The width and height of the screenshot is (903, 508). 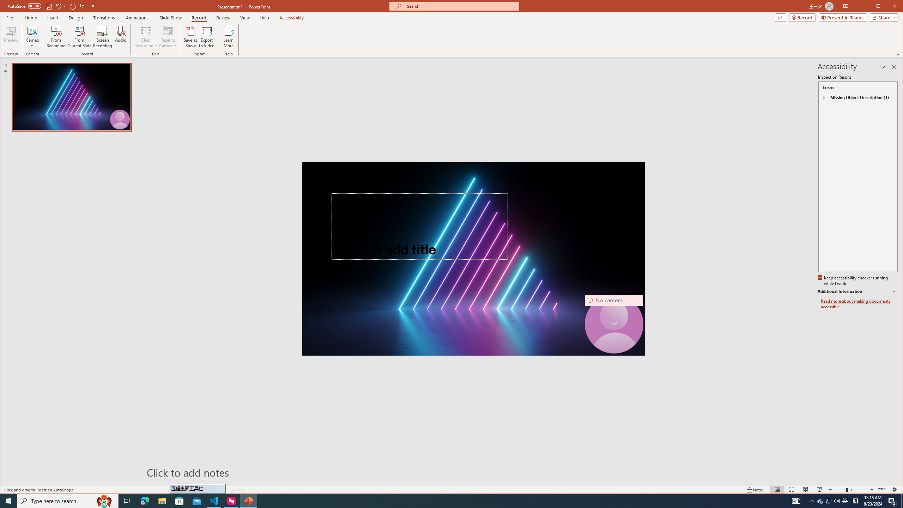 I want to click on 'Neon laser lights aligned to form a triangle', so click(x=473, y=258).